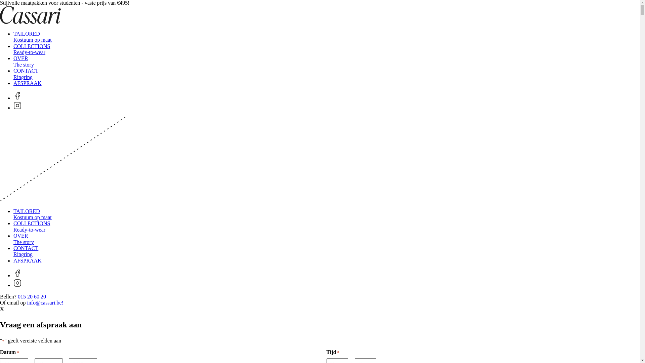 The width and height of the screenshot is (645, 363). What do you see at coordinates (24, 61) in the screenshot?
I see `'OVER` at bounding box center [24, 61].